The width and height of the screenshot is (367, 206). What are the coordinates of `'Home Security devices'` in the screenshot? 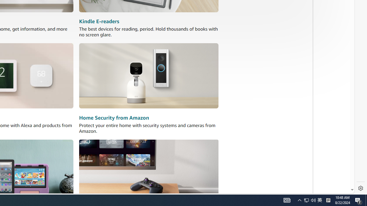 It's located at (149, 76).